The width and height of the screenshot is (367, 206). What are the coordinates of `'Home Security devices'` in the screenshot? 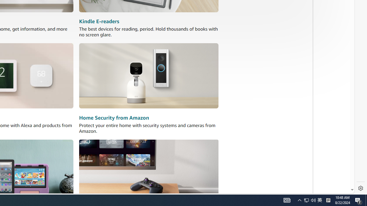 It's located at (149, 76).